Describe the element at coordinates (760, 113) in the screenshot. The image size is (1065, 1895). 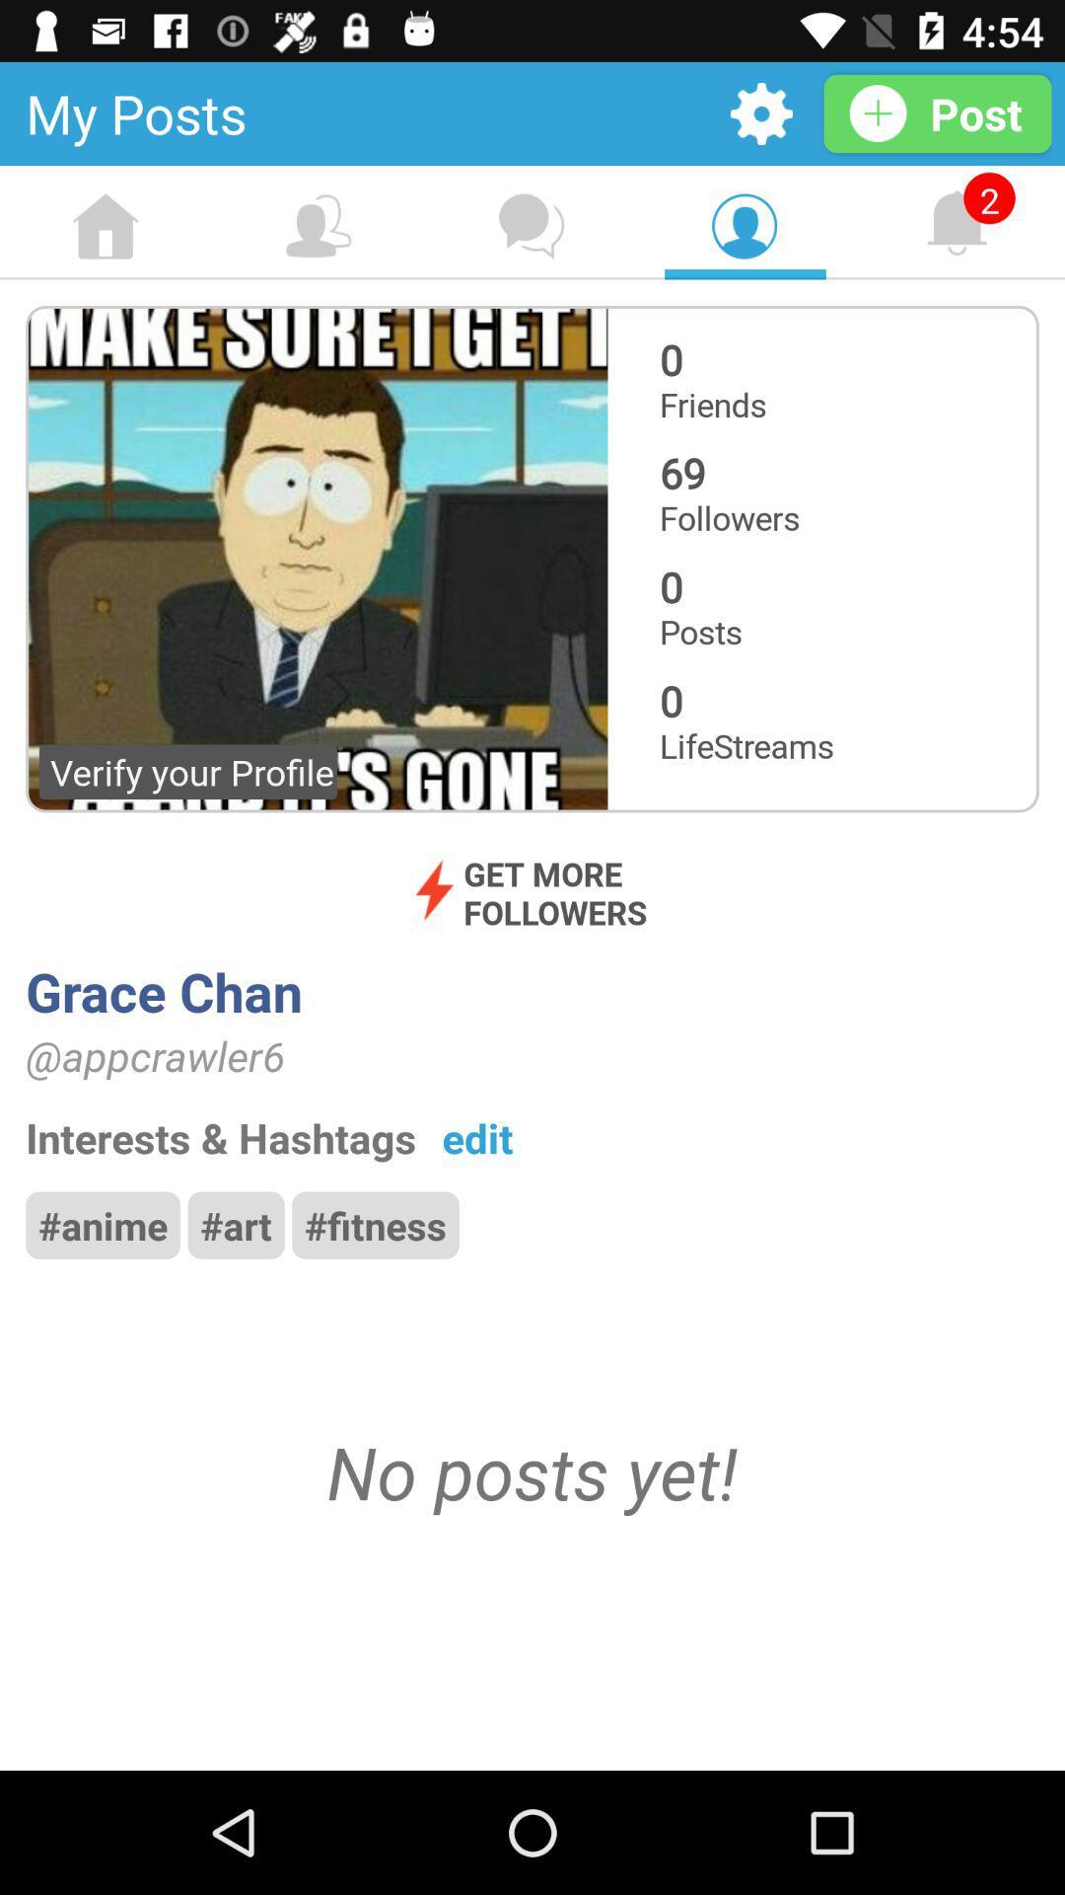
I see `settings menu` at that location.